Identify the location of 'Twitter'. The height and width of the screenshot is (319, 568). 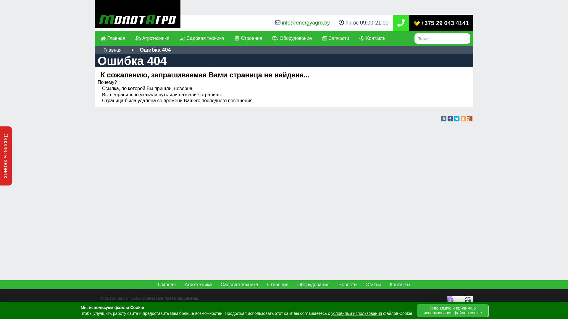
(456, 118).